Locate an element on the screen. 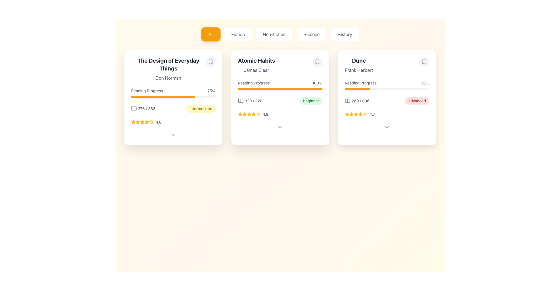 The height and width of the screenshot is (302, 537). the static text label displaying the name 'Don Norman', which is positioned centrally below the title 'The Design of Everyday Things' within the leftmost card of a three-column layout is located at coordinates (168, 78).